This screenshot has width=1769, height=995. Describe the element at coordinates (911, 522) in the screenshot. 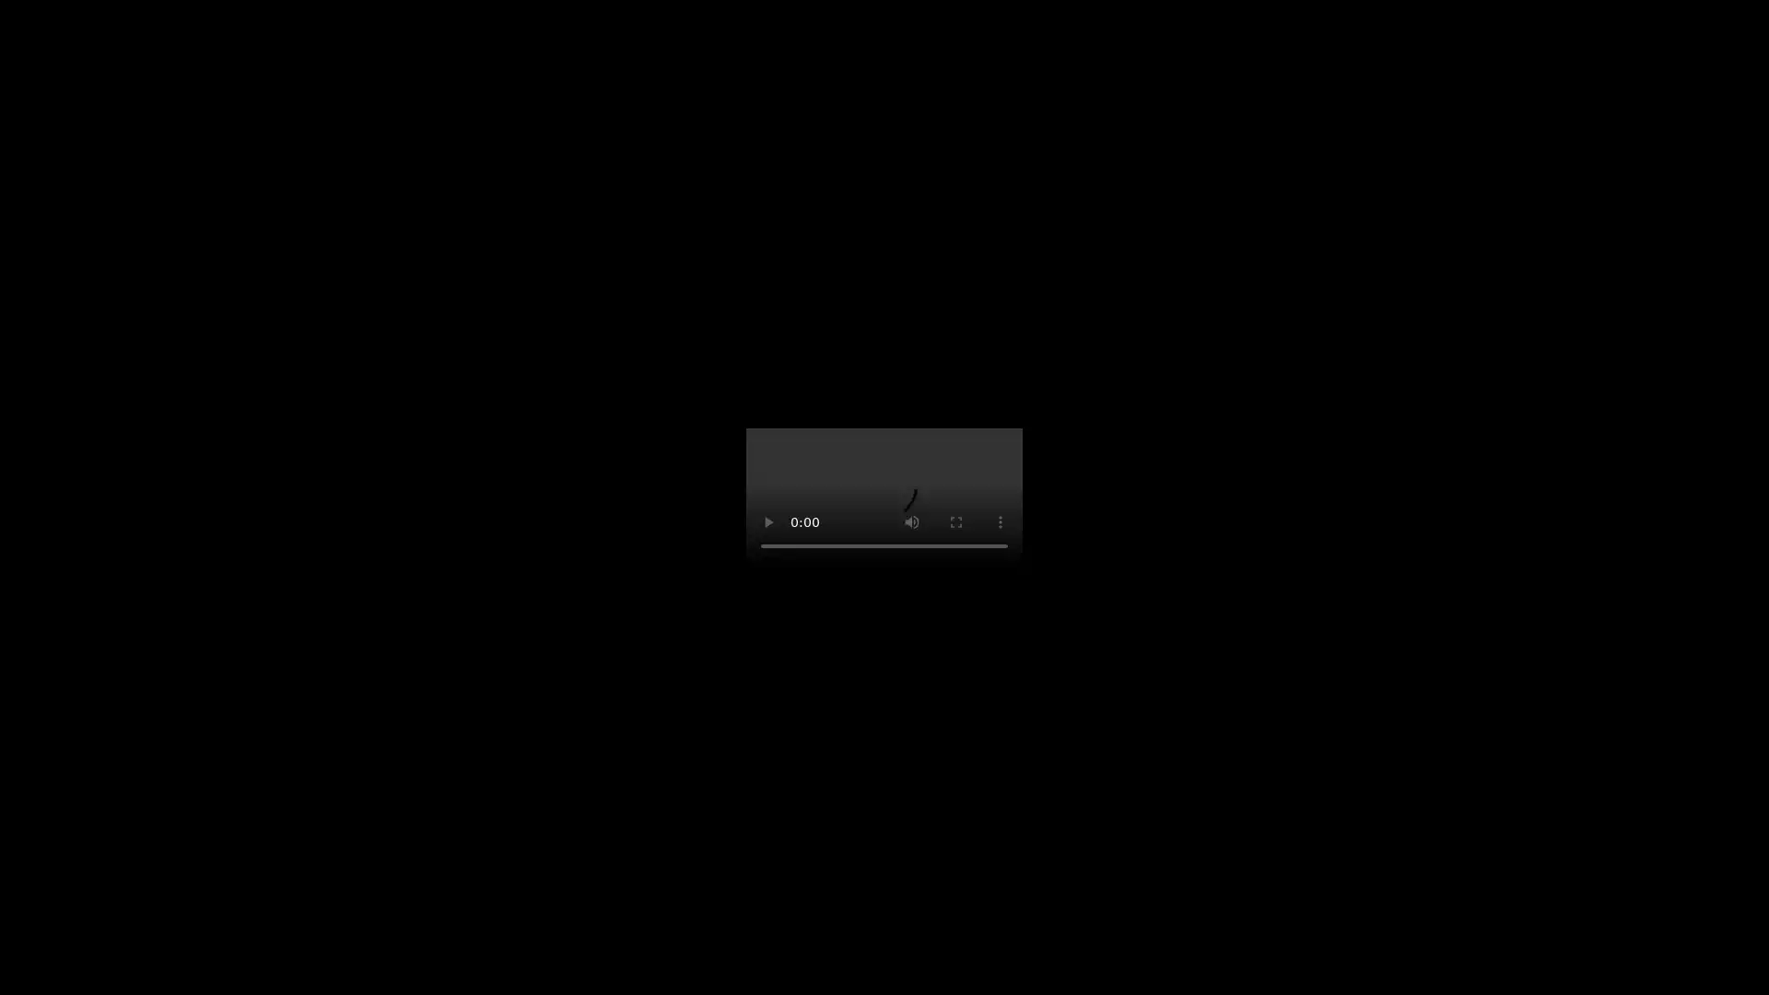

I see `mute` at that location.